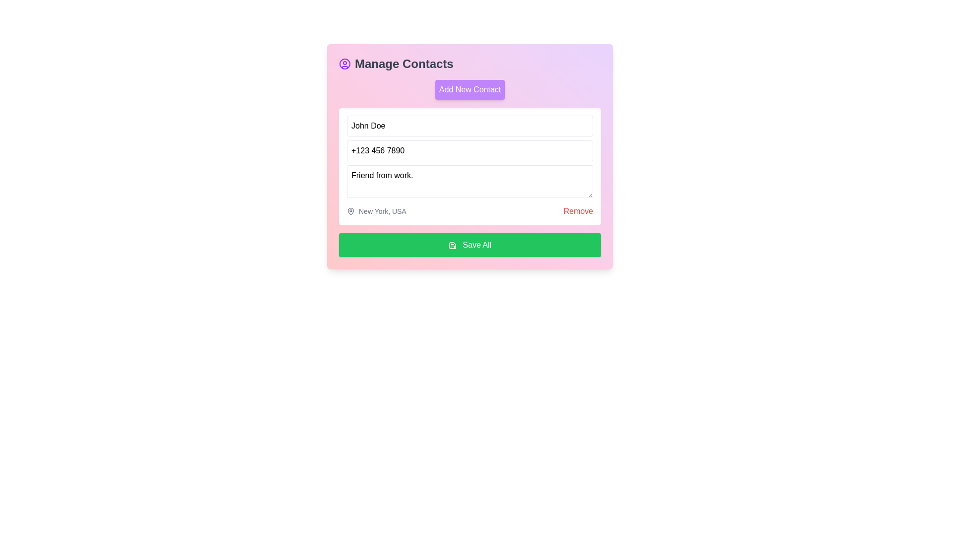 The height and width of the screenshot is (536, 953). I want to click on the save icon located within the green 'Save All' button at the bottom of the Manage Contacts interface, so click(452, 245).